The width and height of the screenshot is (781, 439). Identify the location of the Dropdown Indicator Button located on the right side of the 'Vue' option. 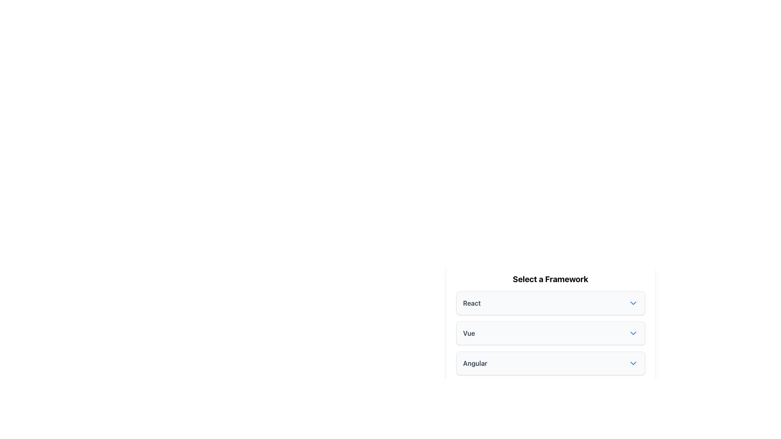
(633, 333).